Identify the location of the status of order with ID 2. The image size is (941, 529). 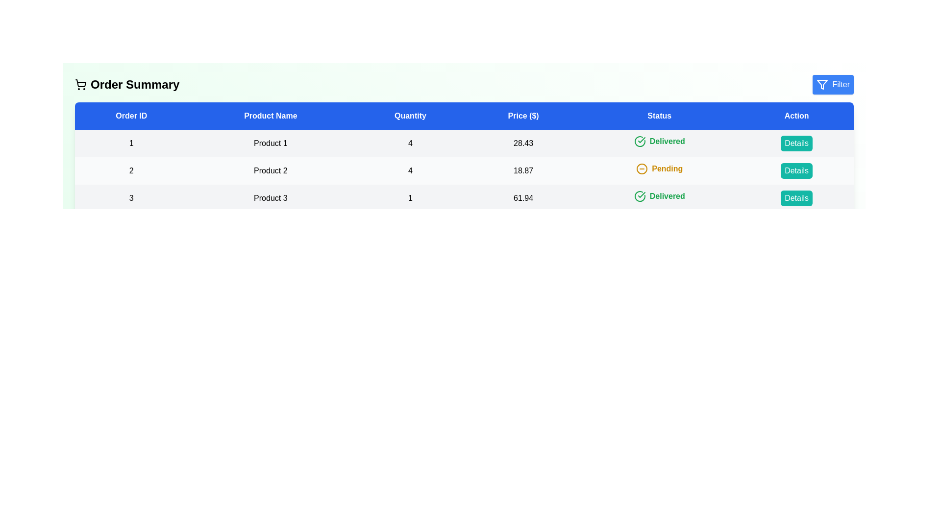
(659, 168).